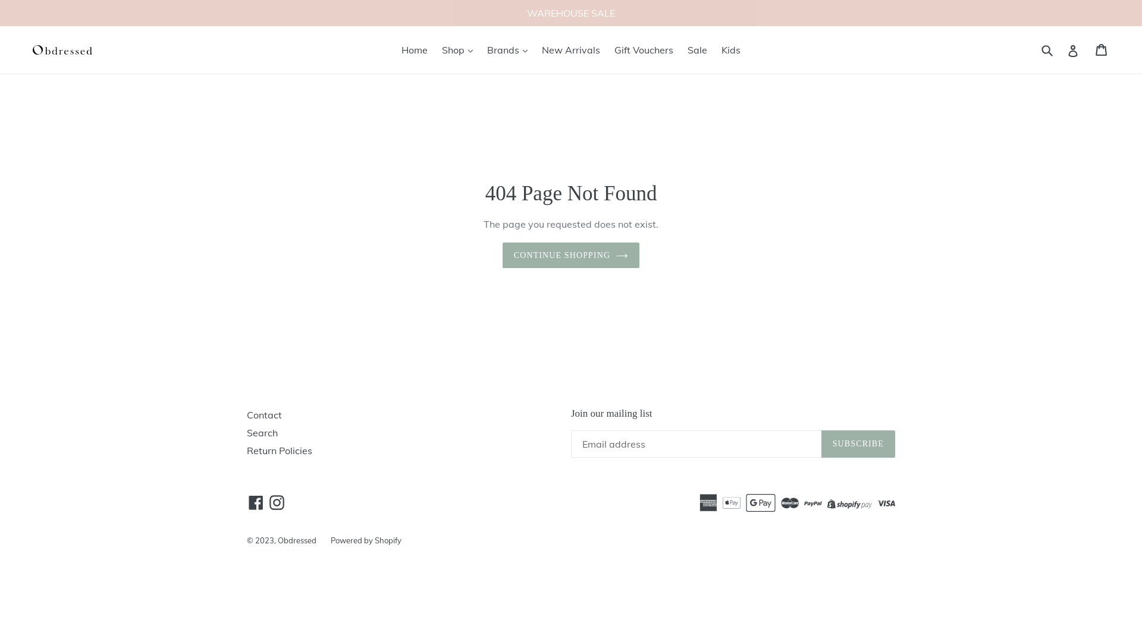  Describe the element at coordinates (263, 414) in the screenshot. I see `'Contact'` at that location.